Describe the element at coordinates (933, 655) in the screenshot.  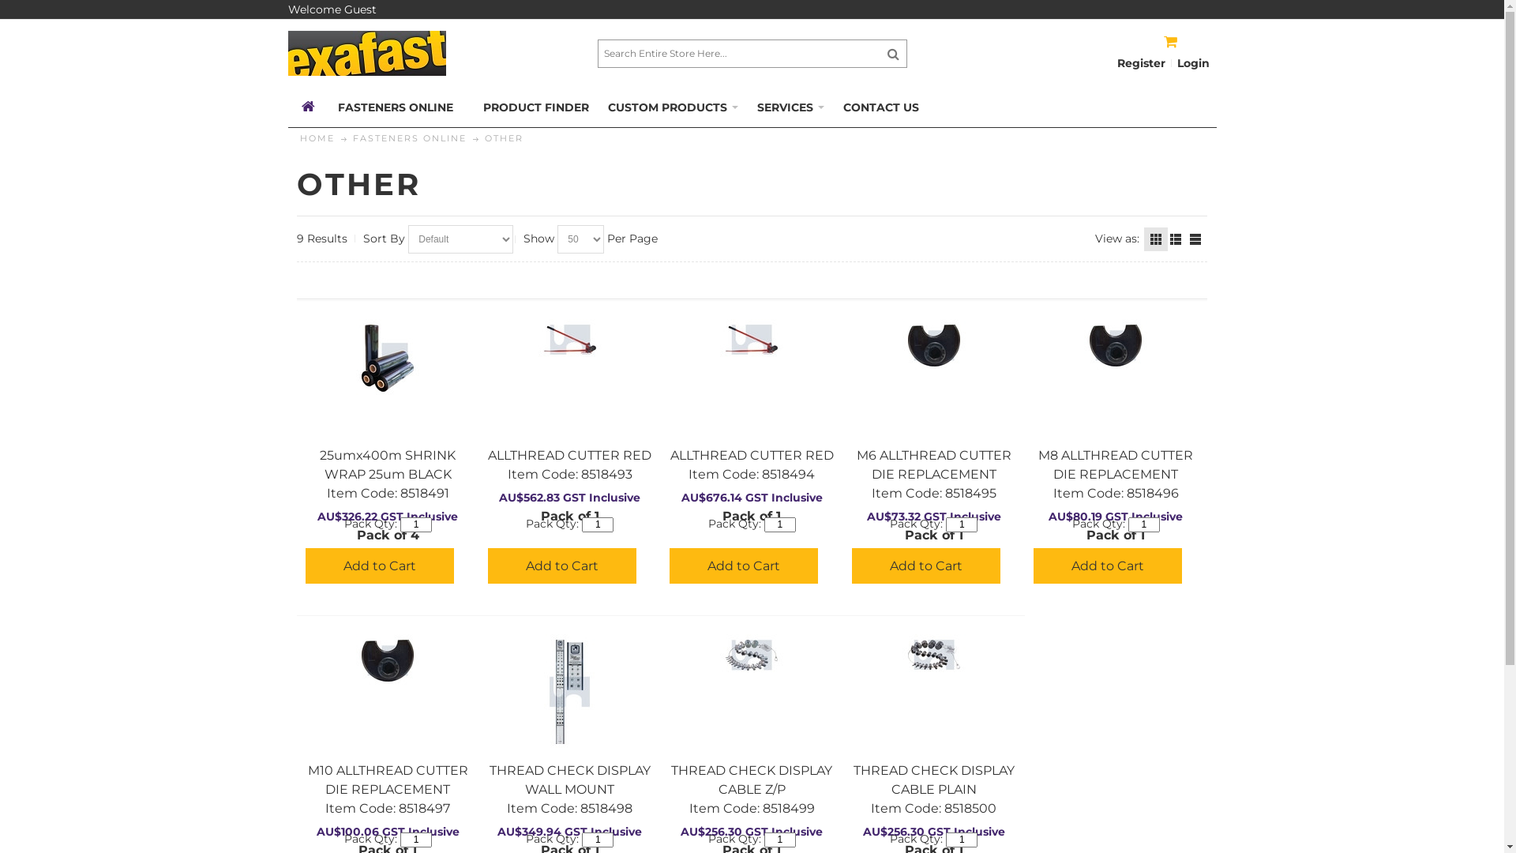
I see `'THREAD CHECK DISPLAY CABLE PLAIN'` at that location.